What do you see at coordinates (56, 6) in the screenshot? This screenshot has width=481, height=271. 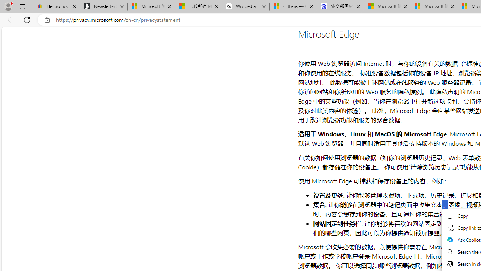 I see `'Electronics, Cars, Fashion, Collectibles & More | eBay'` at bounding box center [56, 6].